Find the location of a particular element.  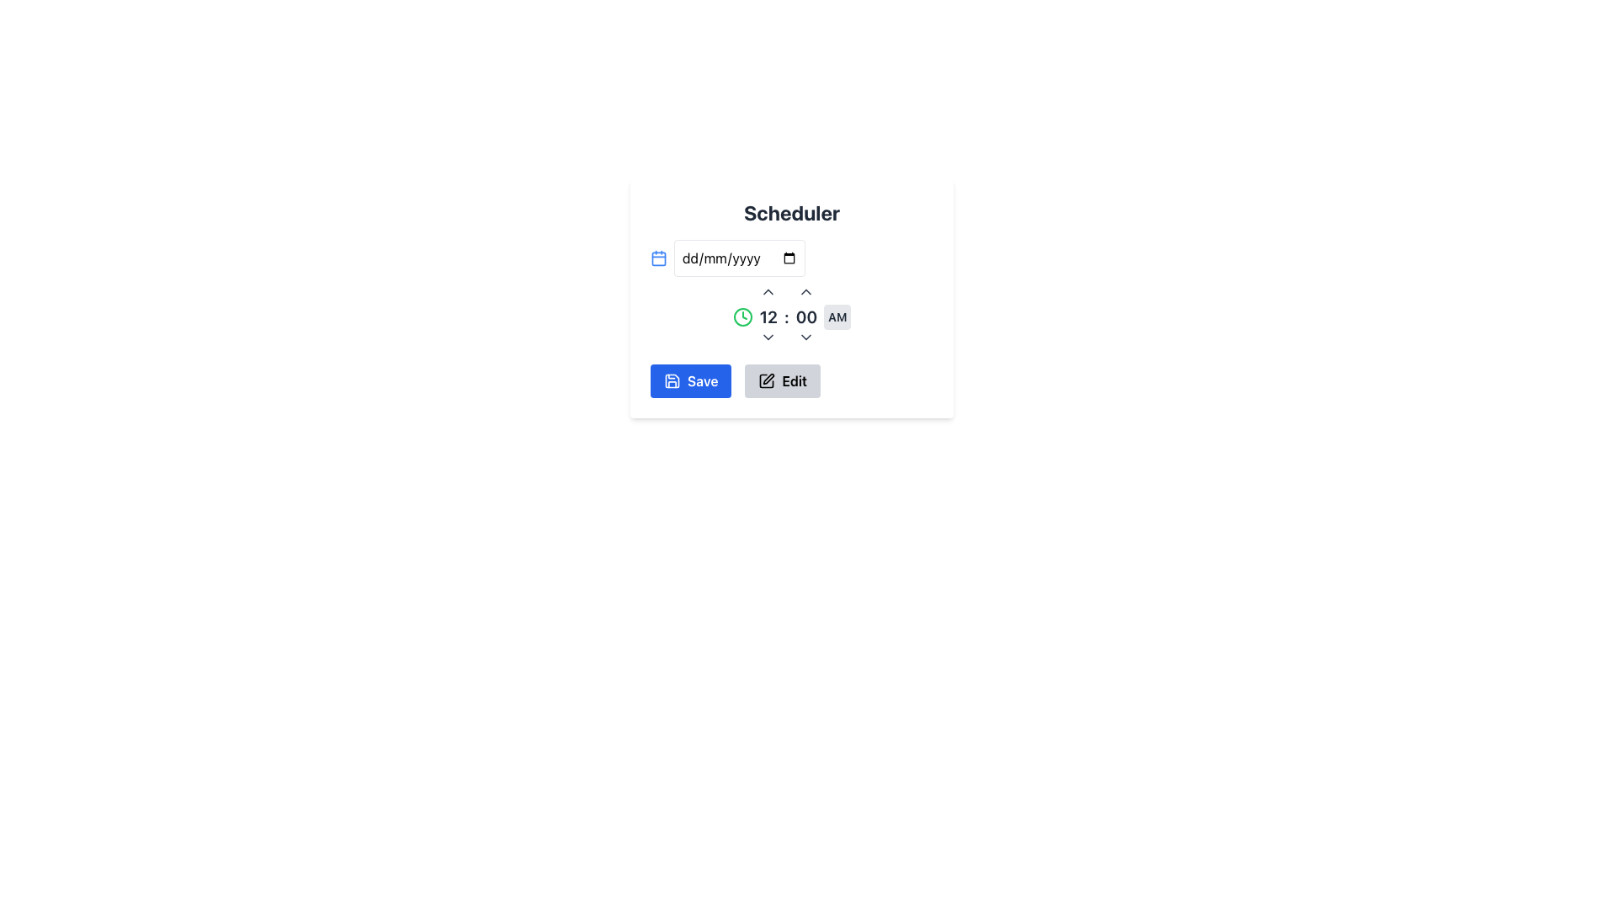

the downward-facing chevron icon button located below the time indicator ('12 : 00 AM') for keyboard interaction is located at coordinates (768, 338).